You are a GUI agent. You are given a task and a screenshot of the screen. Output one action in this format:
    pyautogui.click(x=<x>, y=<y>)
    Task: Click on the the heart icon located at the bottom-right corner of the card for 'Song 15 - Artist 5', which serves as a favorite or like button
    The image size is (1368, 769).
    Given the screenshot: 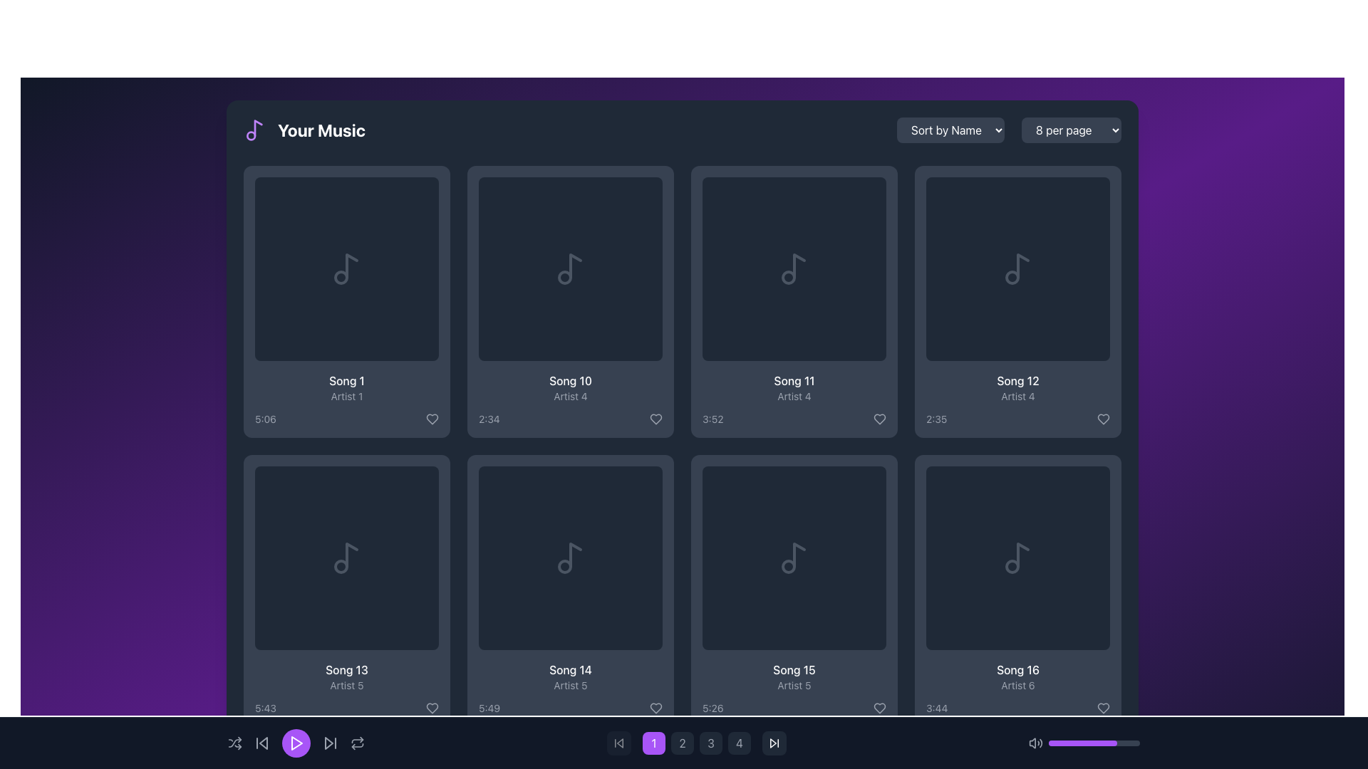 What is the action you would take?
    pyautogui.click(x=879, y=708)
    